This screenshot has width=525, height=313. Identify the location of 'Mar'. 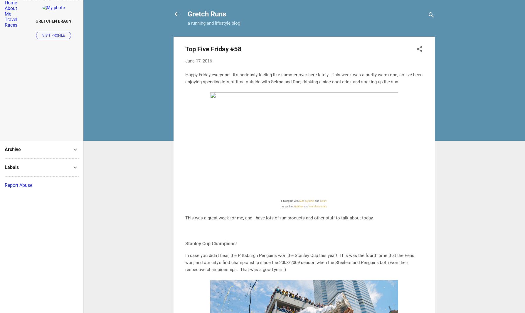
(301, 200).